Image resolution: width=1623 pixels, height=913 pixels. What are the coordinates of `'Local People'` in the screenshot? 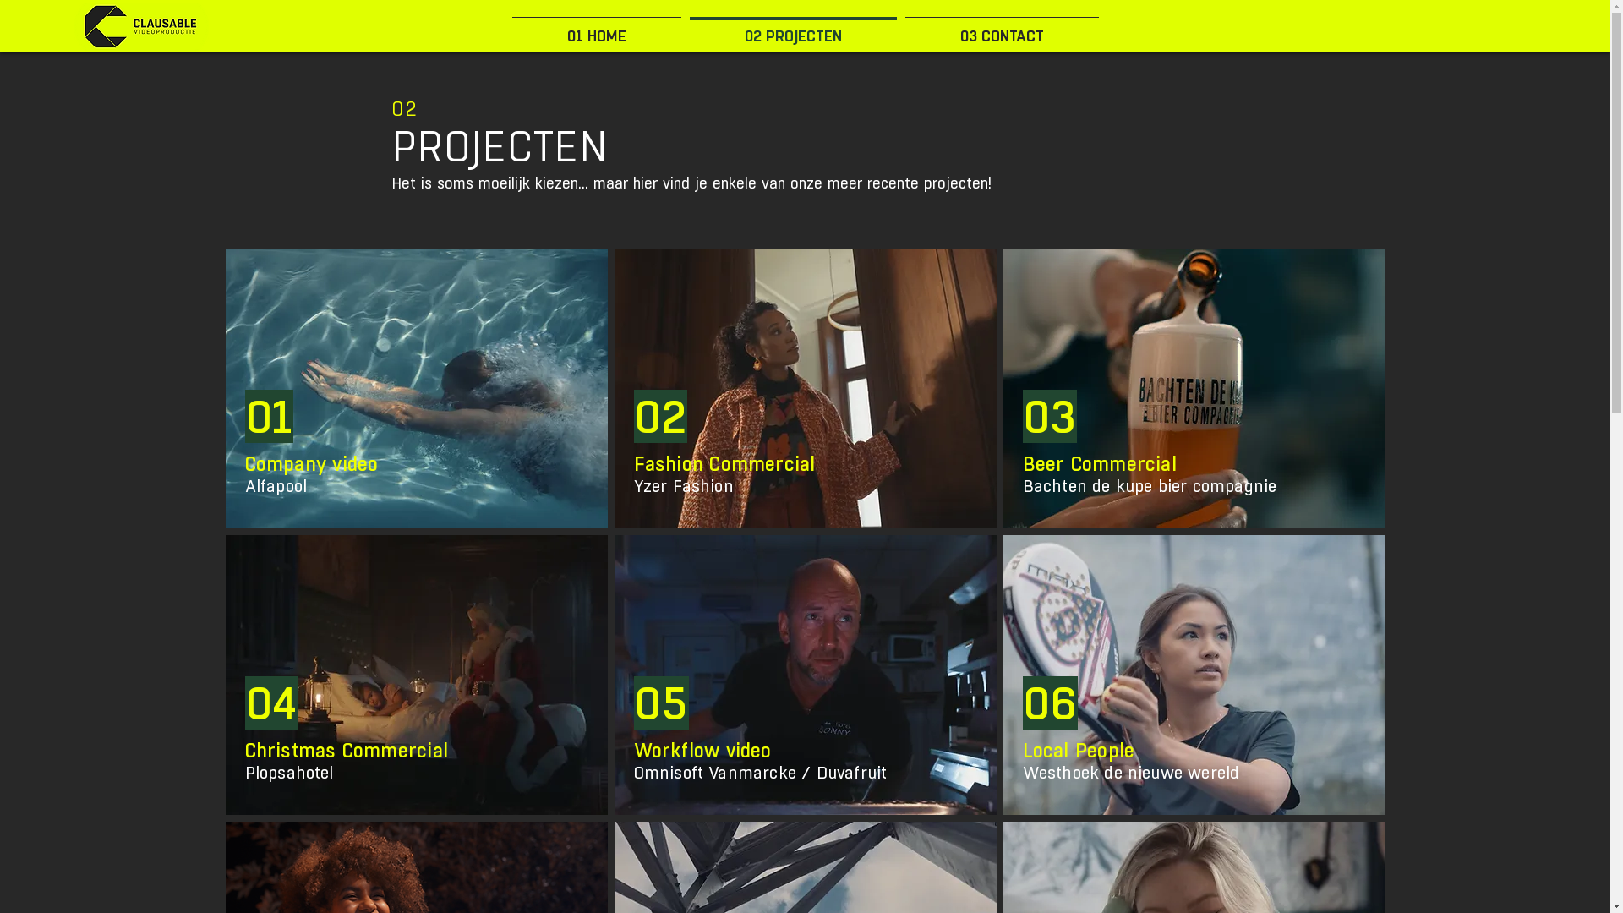 It's located at (1078, 749).